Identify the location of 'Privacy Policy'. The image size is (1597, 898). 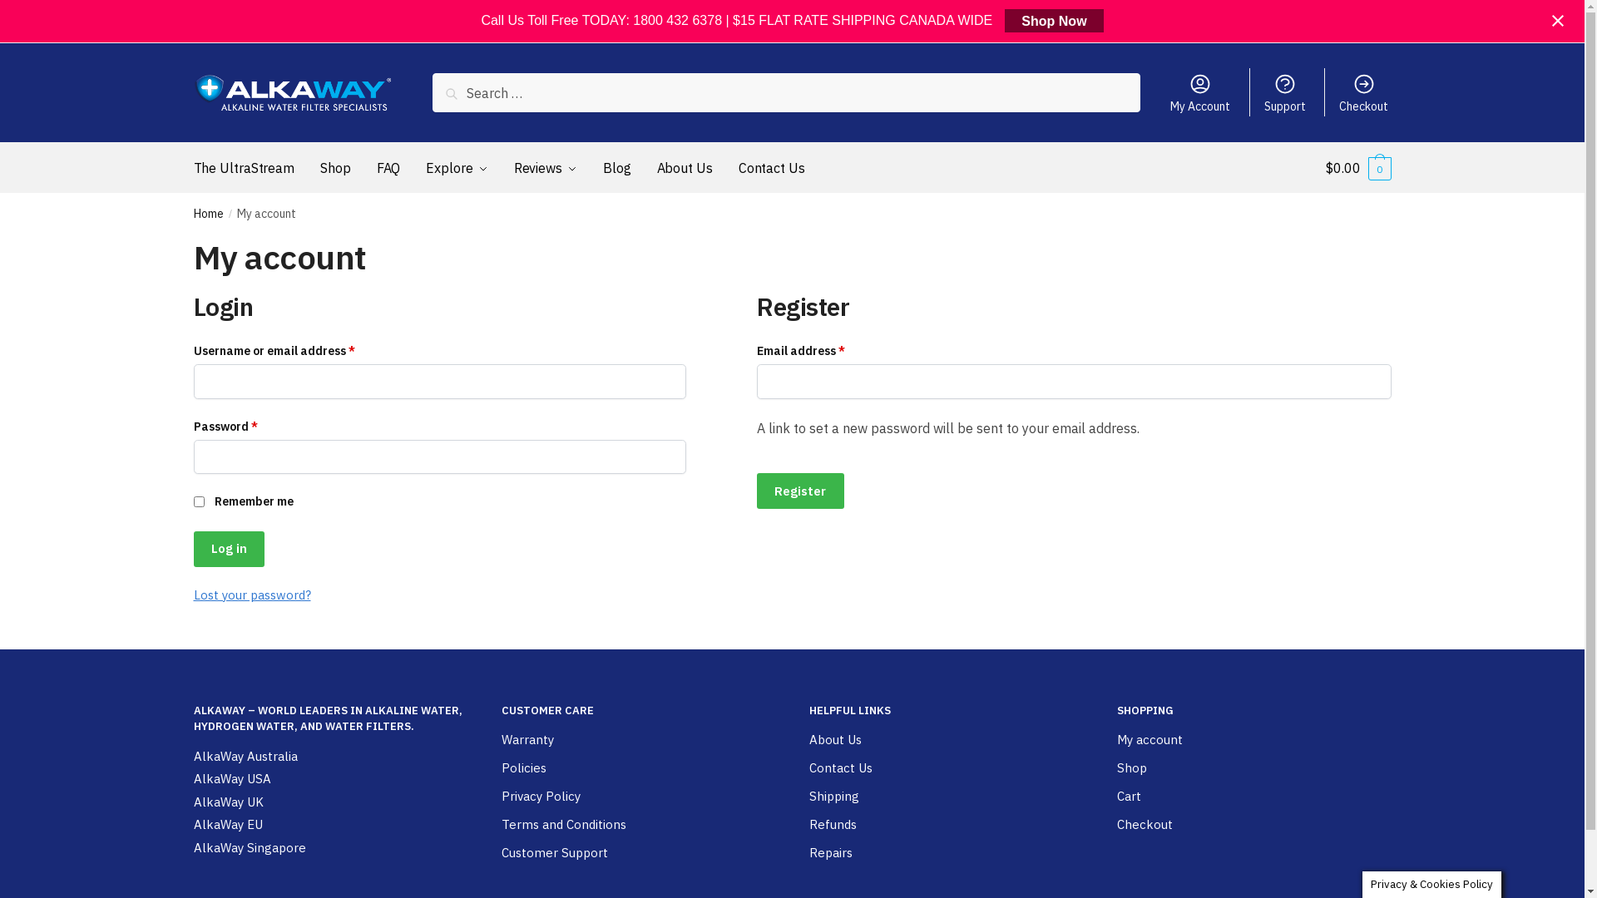
(499, 796).